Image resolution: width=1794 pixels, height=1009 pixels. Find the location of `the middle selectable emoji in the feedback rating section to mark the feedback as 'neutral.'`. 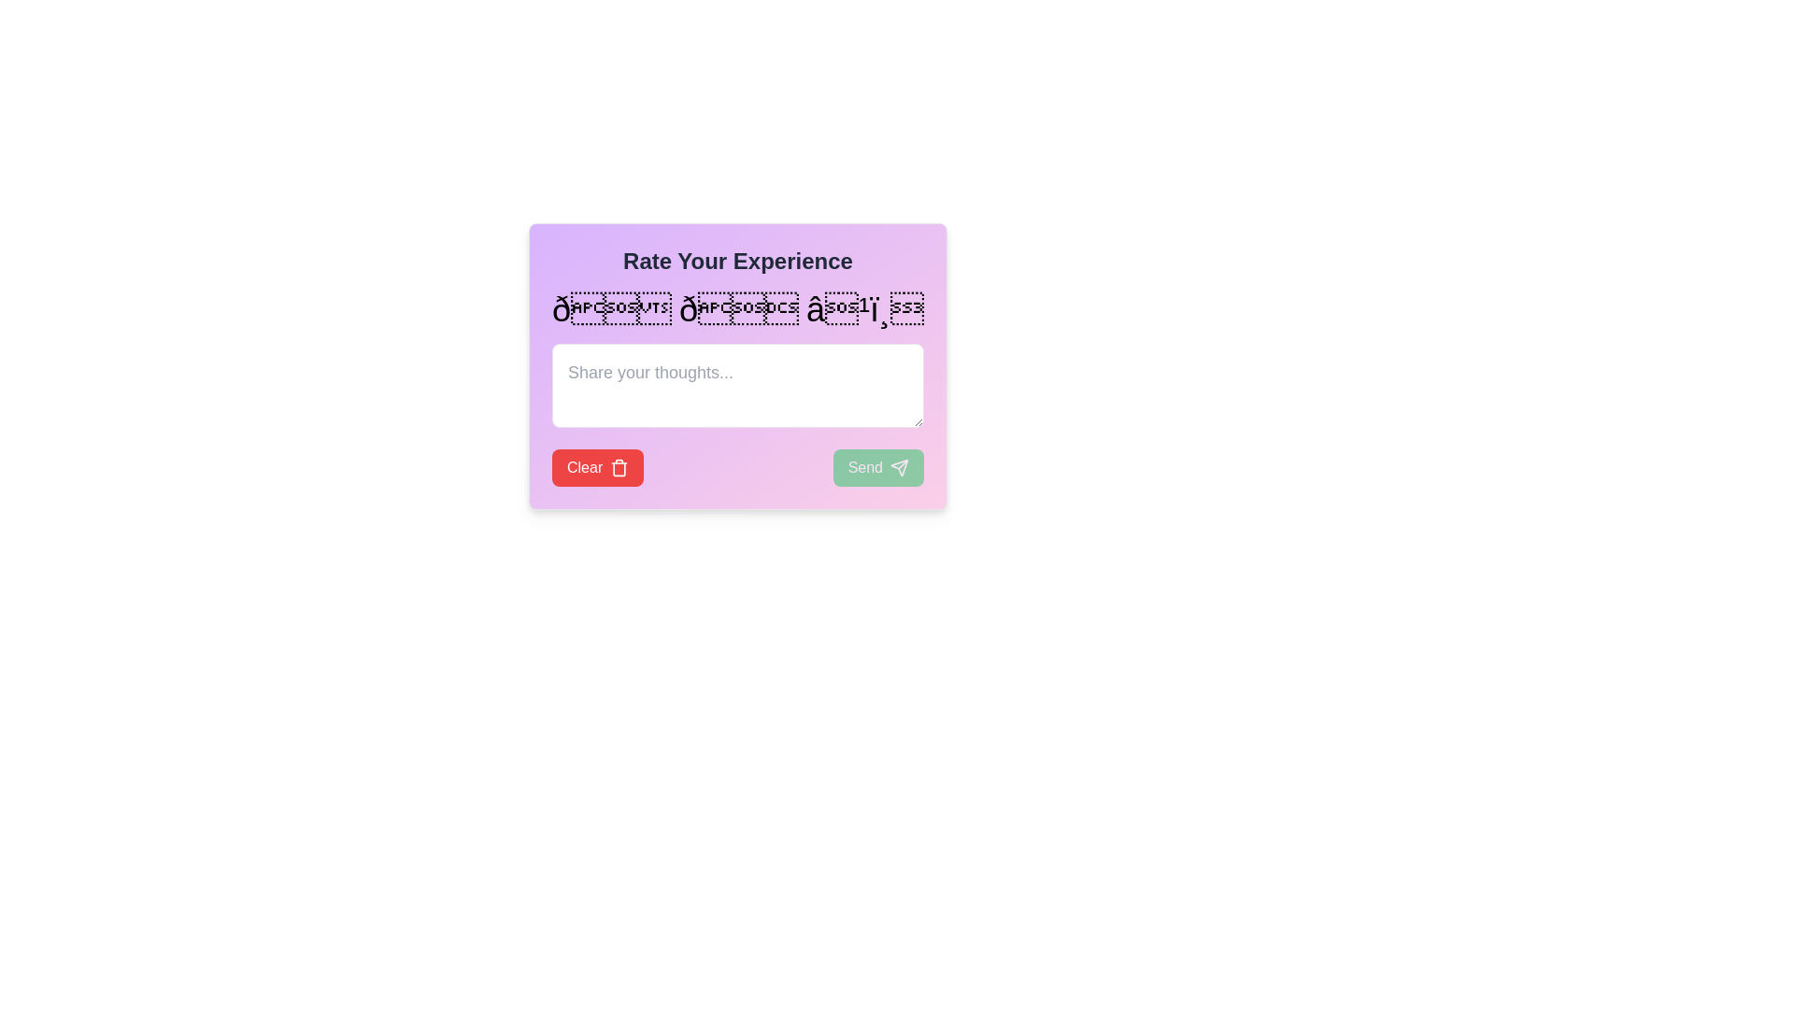

the middle selectable emoji in the feedback rating section to mark the feedback as 'neutral.' is located at coordinates (738, 308).